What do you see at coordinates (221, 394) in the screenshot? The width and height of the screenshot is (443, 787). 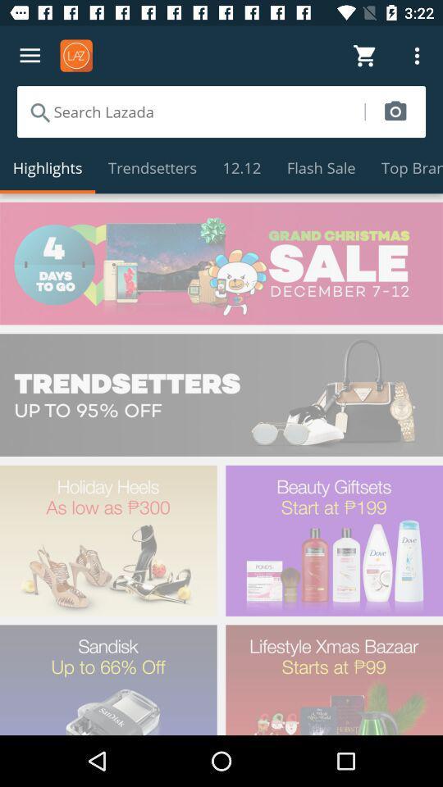 I see `direct to x shopping` at bounding box center [221, 394].